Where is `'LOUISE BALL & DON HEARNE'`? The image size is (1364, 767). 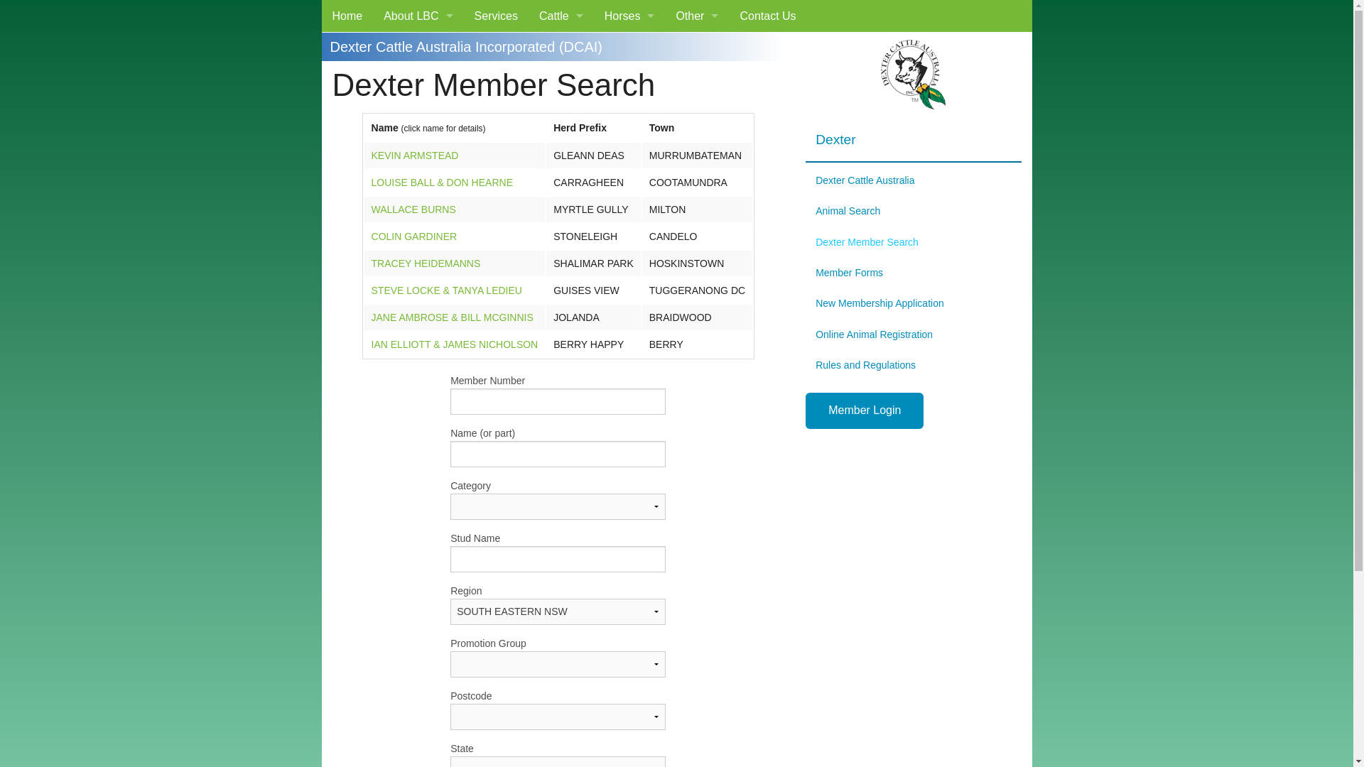
'LOUISE BALL & DON HEARNE' is located at coordinates (372, 182).